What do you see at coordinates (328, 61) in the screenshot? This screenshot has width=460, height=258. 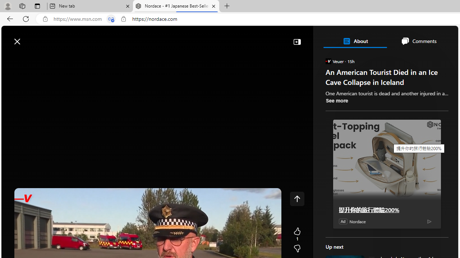 I see `'Veuer'` at bounding box center [328, 61].